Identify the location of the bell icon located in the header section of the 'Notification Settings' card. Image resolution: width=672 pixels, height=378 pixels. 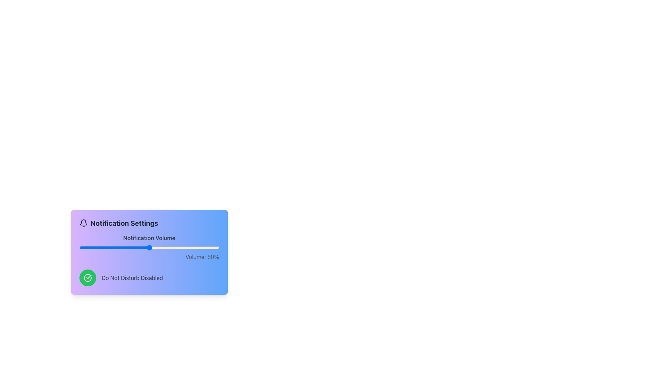
(83, 223).